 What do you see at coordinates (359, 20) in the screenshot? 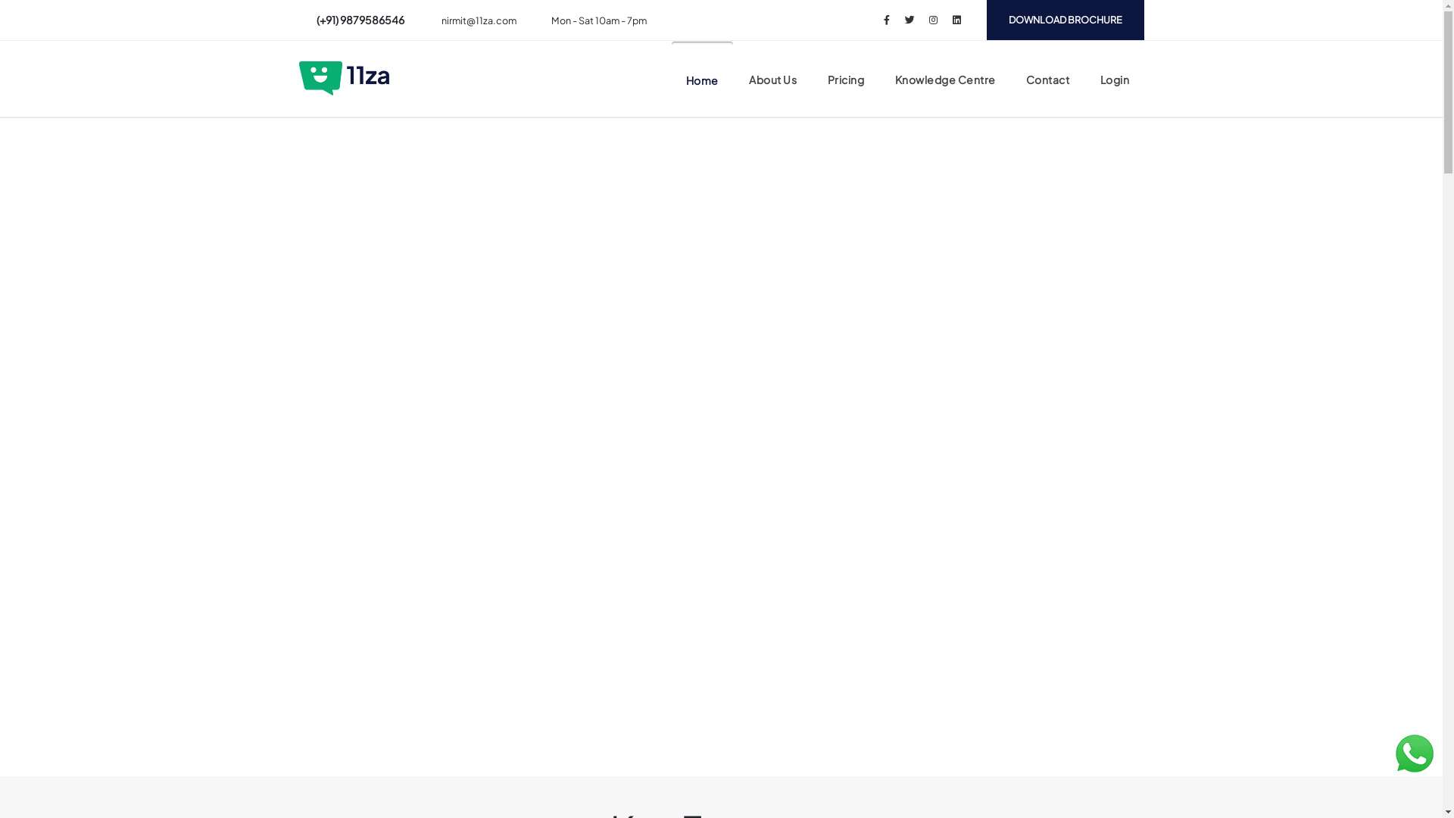
I see `'(+91) 9879586546'` at bounding box center [359, 20].